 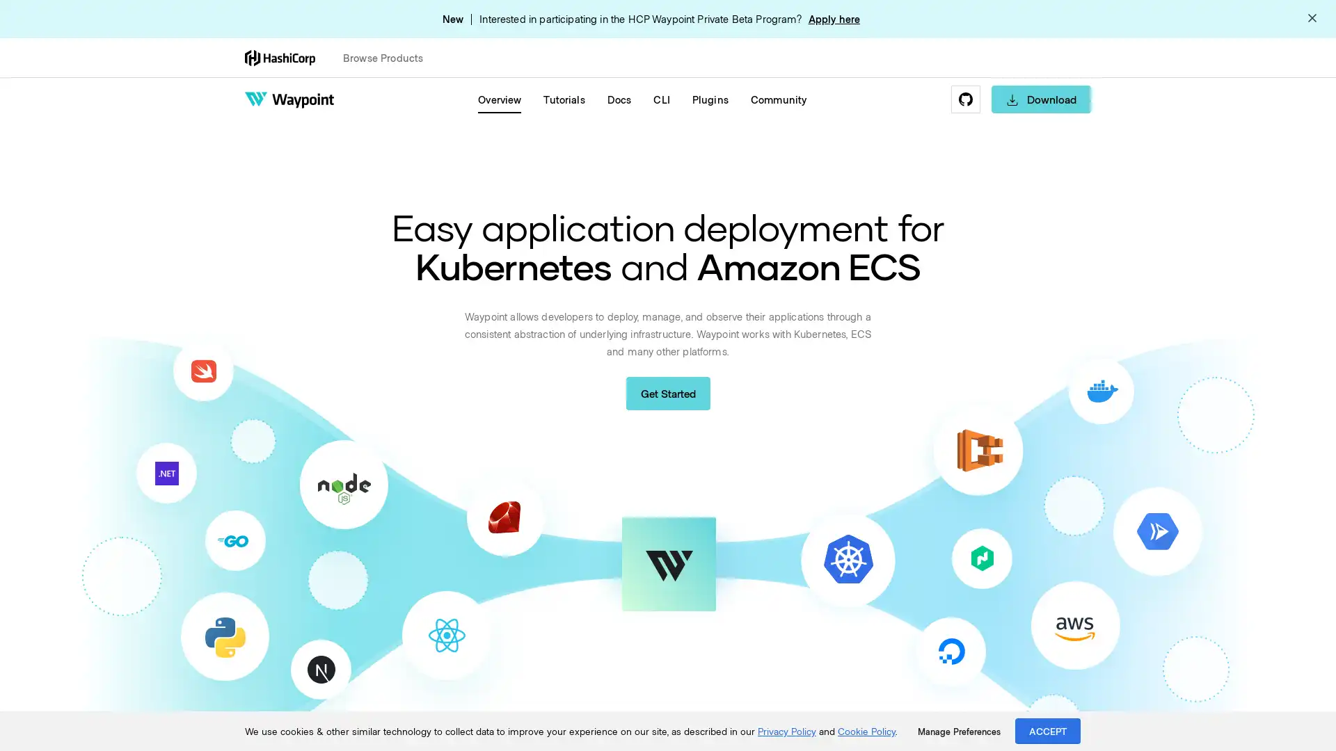 I want to click on Manage Preferences, so click(x=958, y=731).